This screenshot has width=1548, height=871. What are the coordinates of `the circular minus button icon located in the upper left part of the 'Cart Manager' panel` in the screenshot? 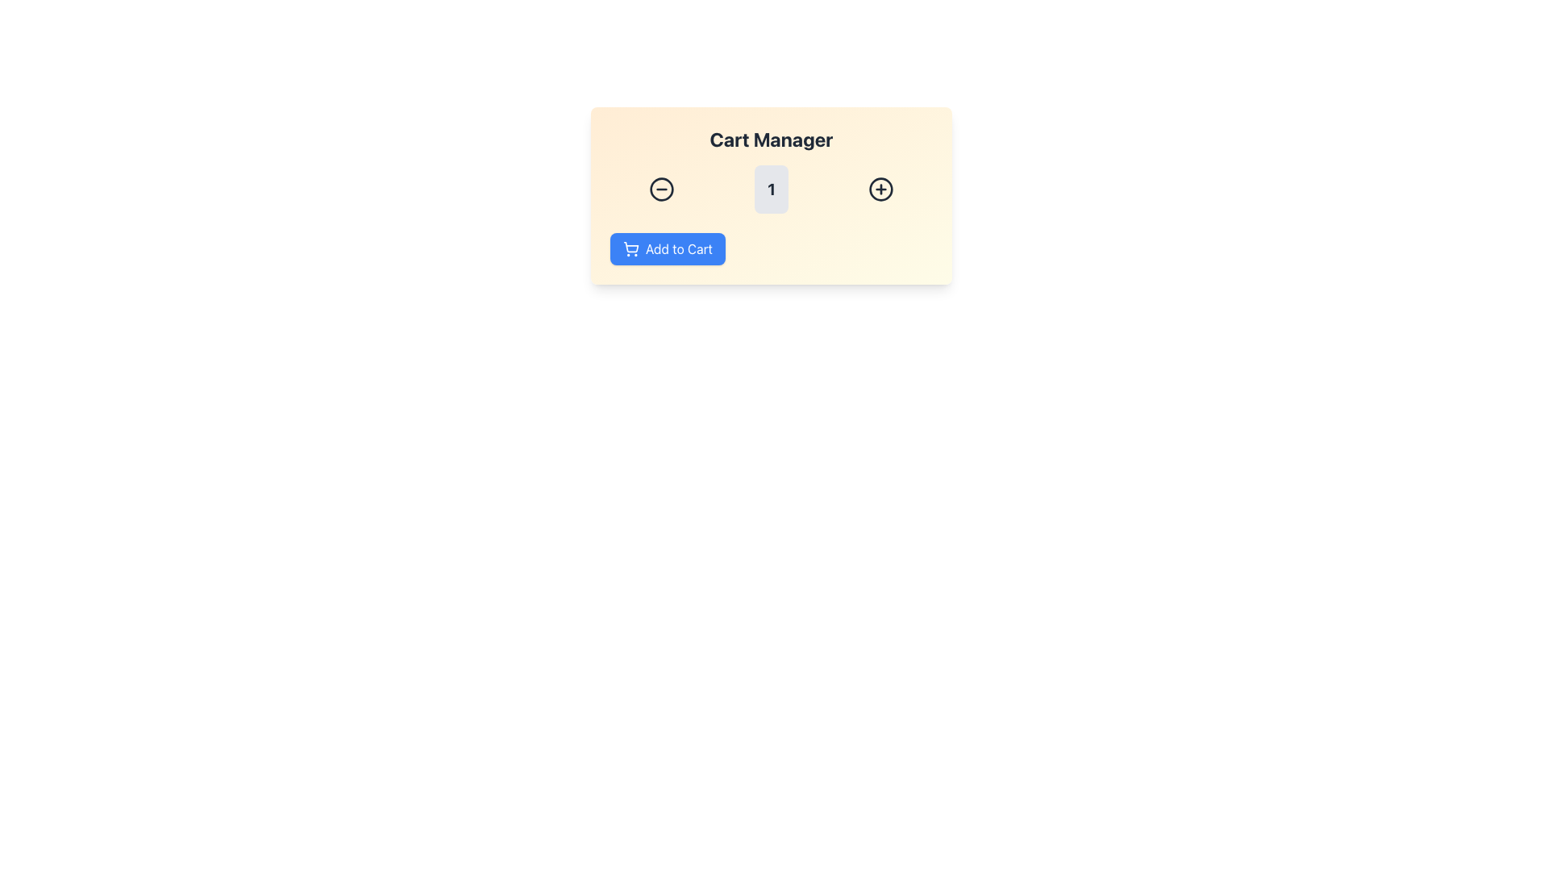 It's located at (661, 189).